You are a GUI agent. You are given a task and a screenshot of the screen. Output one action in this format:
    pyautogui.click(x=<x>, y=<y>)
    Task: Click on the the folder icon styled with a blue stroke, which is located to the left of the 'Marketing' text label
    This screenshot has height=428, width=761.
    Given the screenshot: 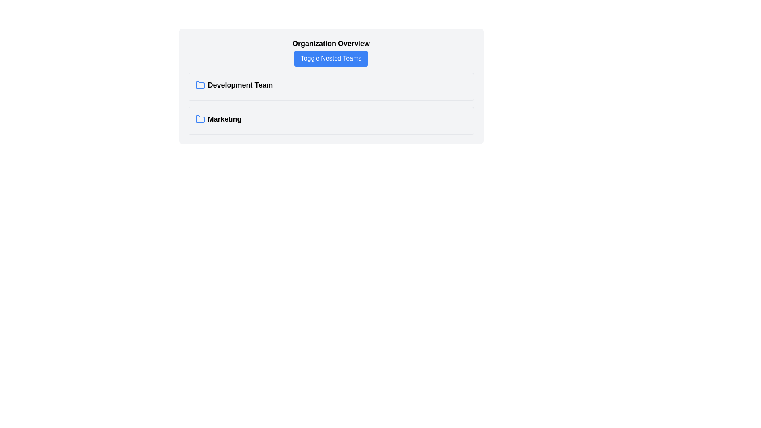 What is the action you would take?
    pyautogui.click(x=200, y=119)
    